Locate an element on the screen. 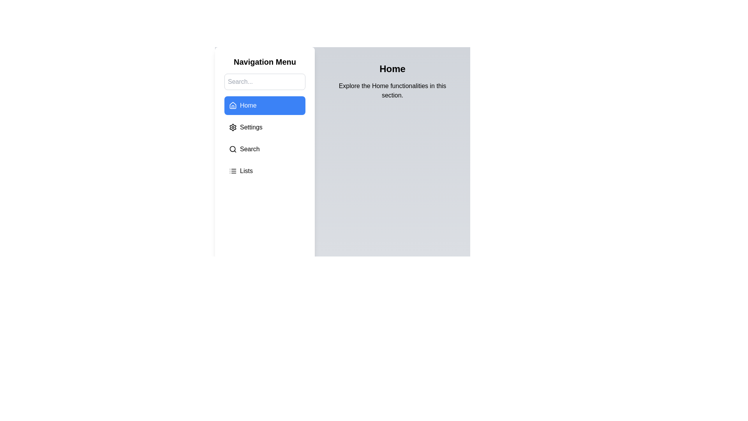 This screenshot has width=748, height=421. the Search section from the menu is located at coordinates (265, 149).